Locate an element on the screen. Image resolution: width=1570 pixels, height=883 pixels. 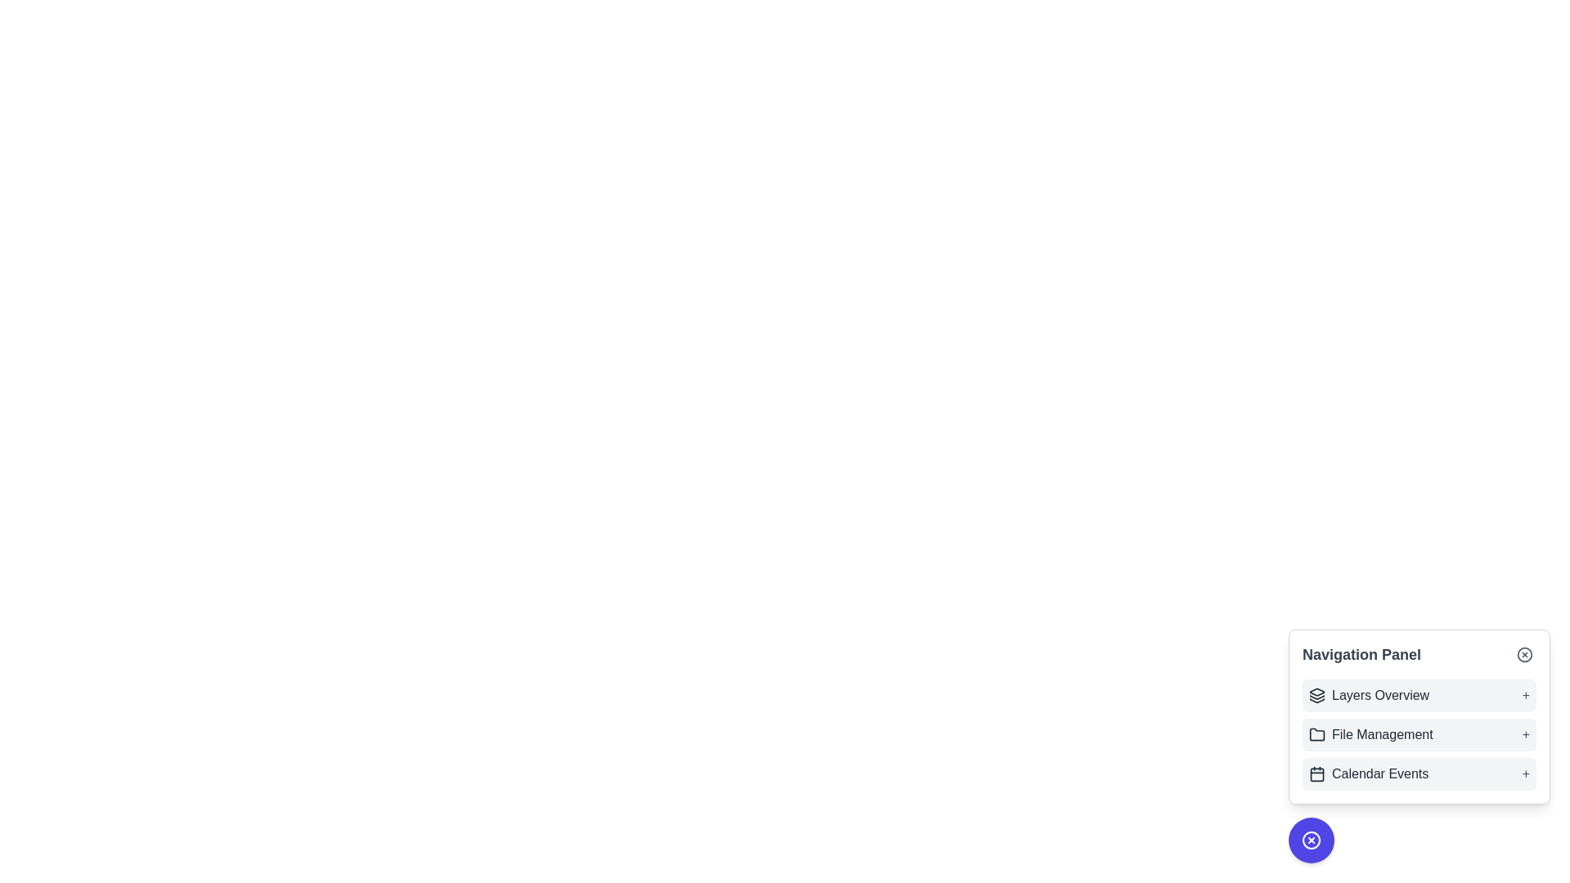
the 'Layers Overview' label in the navigation panel is located at coordinates (1369, 696).